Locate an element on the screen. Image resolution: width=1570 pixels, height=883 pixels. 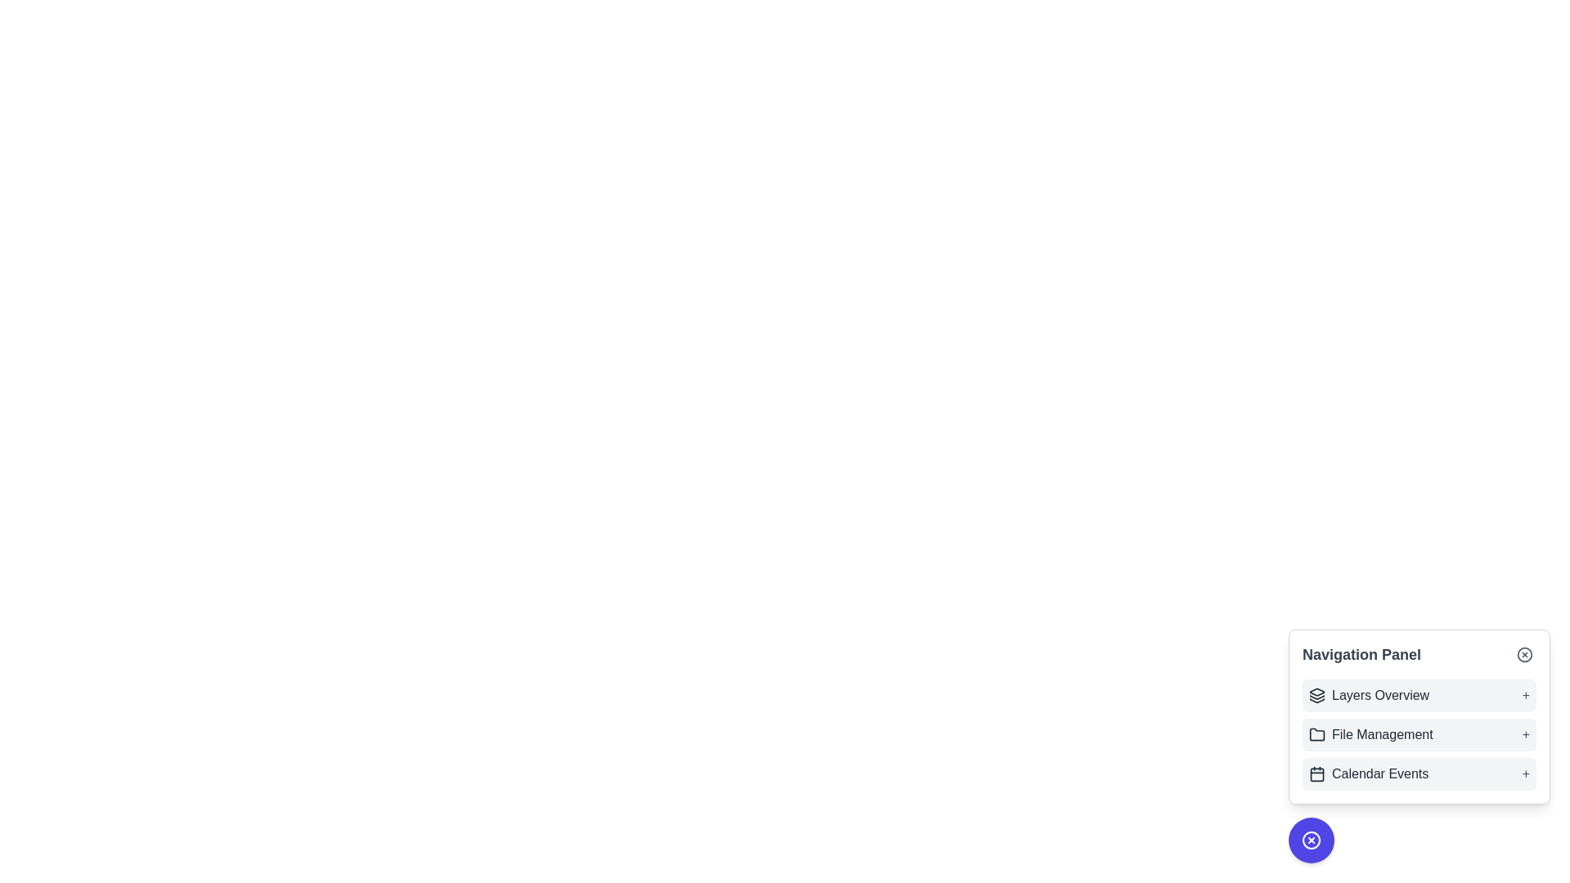
the 'Layers Overview' label in the navigation panel is located at coordinates (1369, 696).